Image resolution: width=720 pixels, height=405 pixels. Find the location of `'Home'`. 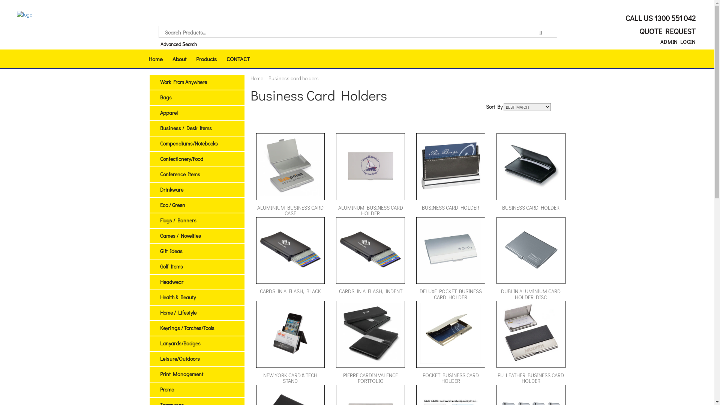

'Home' is located at coordinates (257, 78).